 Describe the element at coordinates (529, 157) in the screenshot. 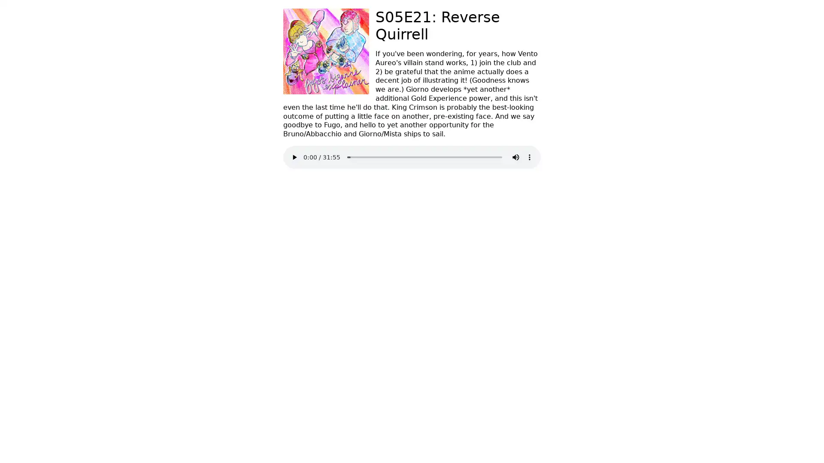

I see `show more media controls` at that location.